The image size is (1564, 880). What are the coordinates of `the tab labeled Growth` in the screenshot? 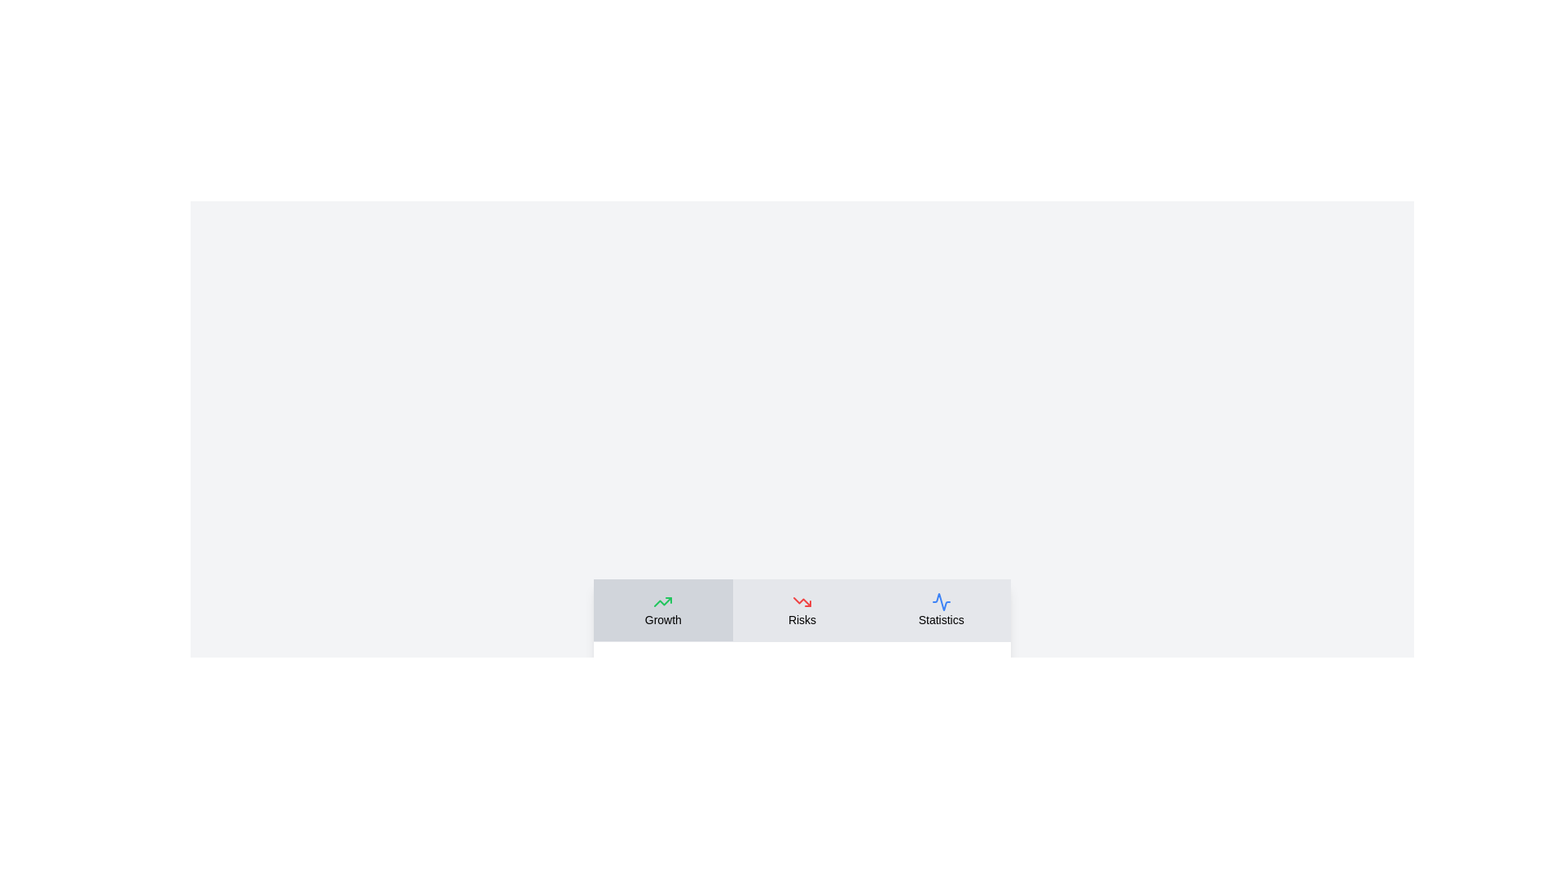 It's located at (663, 609).